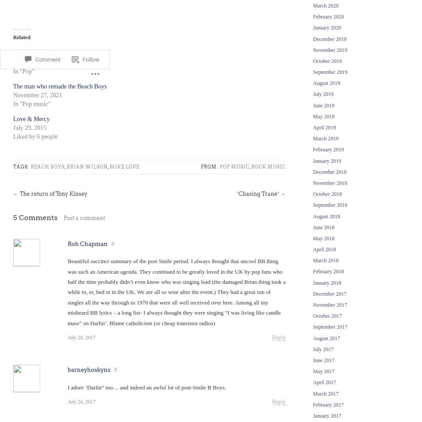 This screenshot has height=422, width=422. Describe the element at coordinates (327, 282) in the screenshot. I see `'January 2018'` at that location.